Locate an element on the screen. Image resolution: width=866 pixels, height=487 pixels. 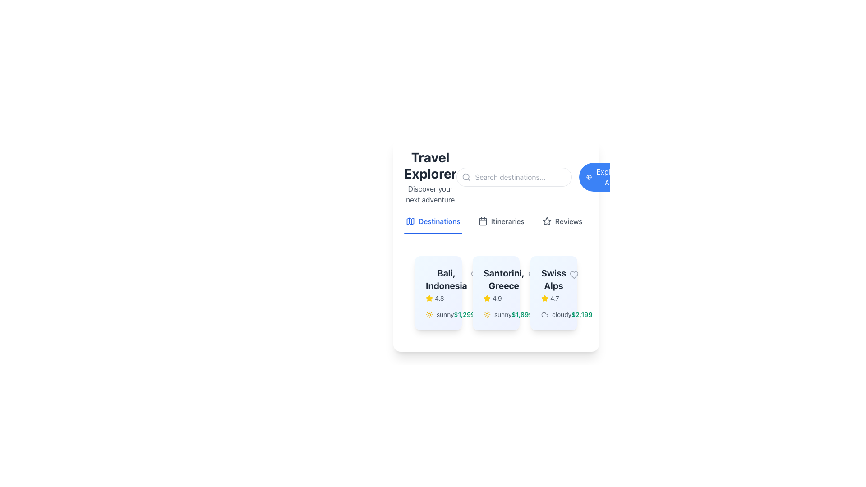
the interactive text link for 'Destinations' in the top navigation bar to potentially reveal additional information is located at coordinates (433, 224).